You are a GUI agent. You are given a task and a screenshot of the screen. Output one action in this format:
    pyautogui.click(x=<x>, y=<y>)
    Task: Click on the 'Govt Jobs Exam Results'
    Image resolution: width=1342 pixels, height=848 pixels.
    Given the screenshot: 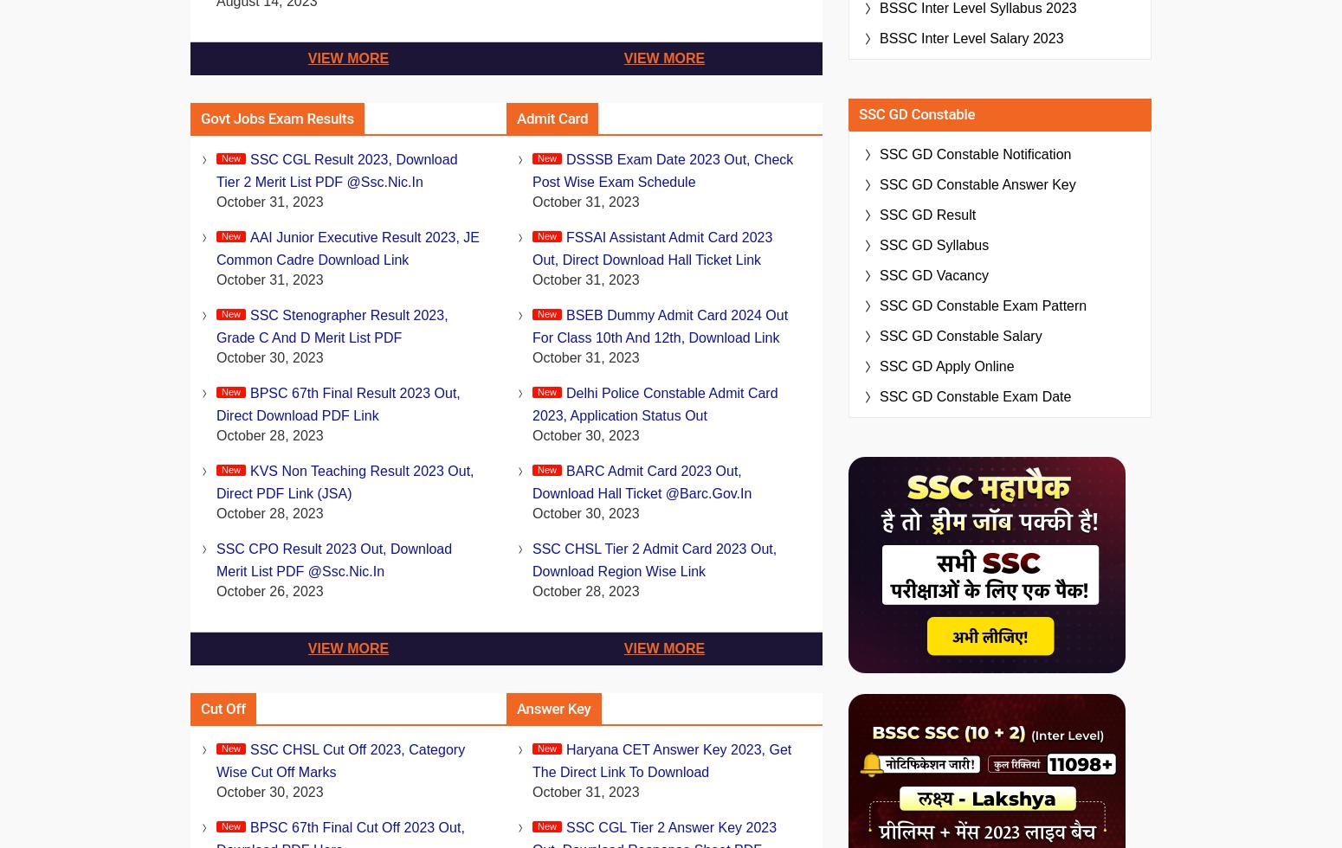 What is the action you would take?
    pyautogui.click(x=276, y=119)
    